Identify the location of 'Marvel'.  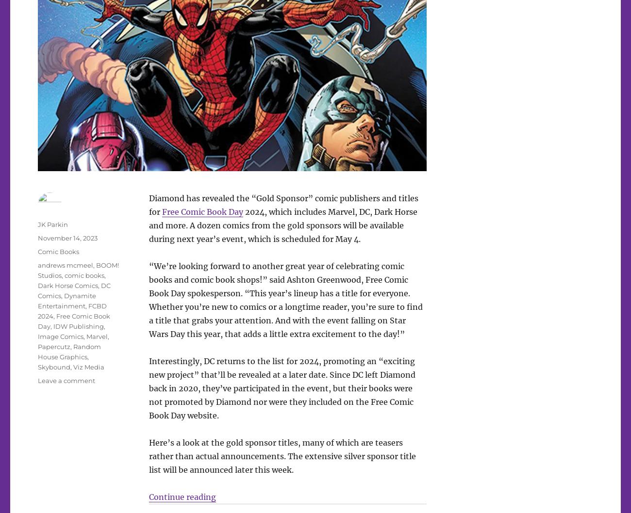
(97, 336).